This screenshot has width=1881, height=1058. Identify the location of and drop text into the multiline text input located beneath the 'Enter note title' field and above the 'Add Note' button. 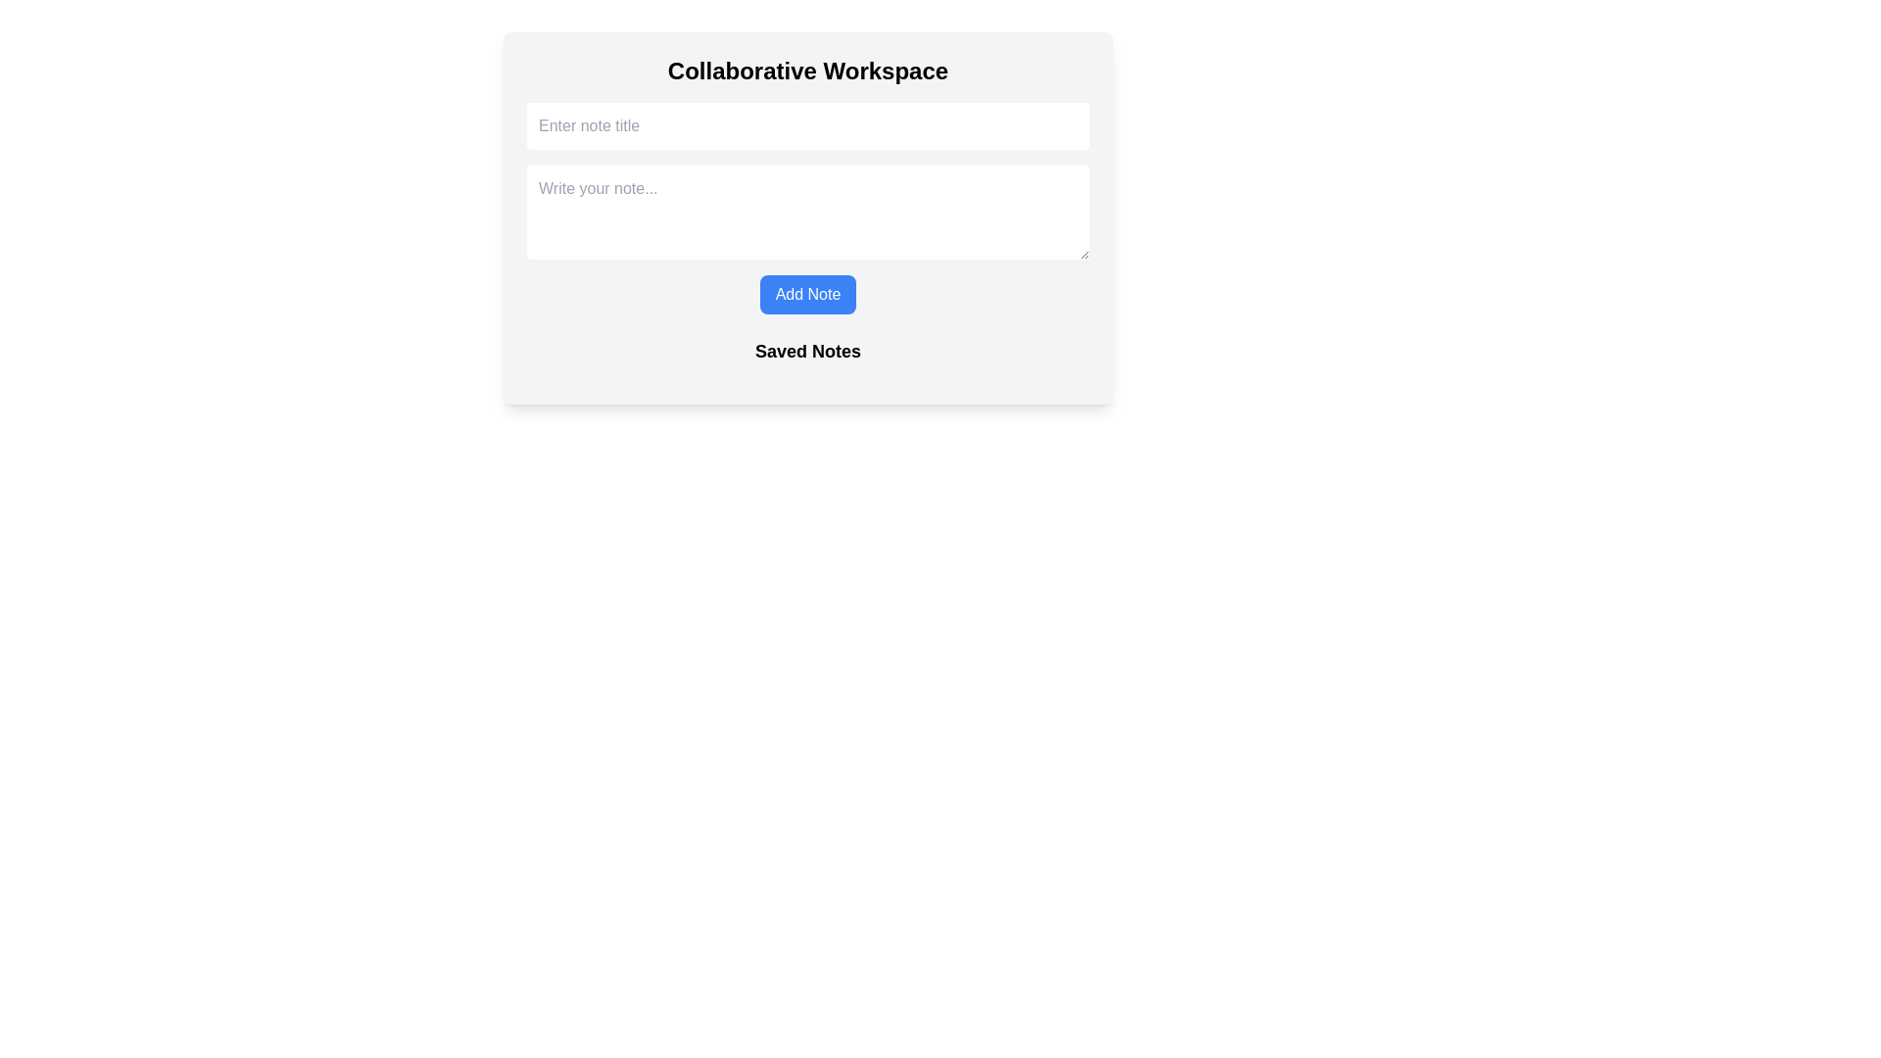
(808, 212).